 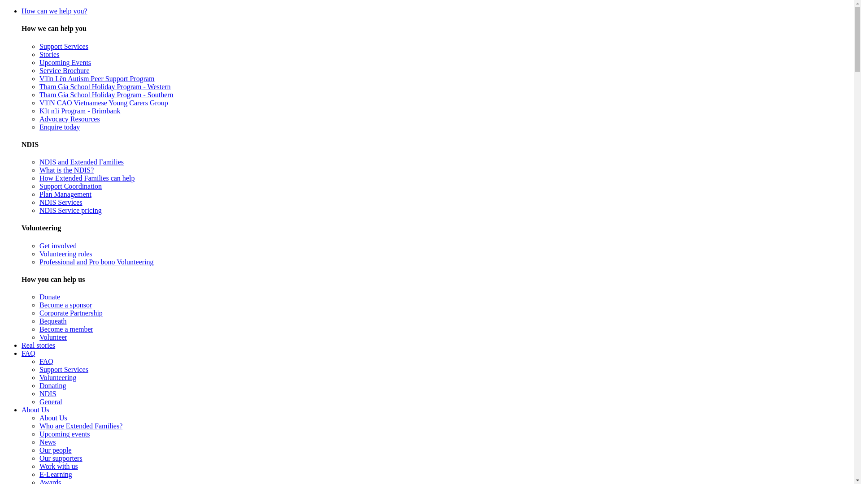 What do you see at coordinates (65, 304) in the screenshot?
I see `'Become a sponsor'` at bounding box center [65, 304].